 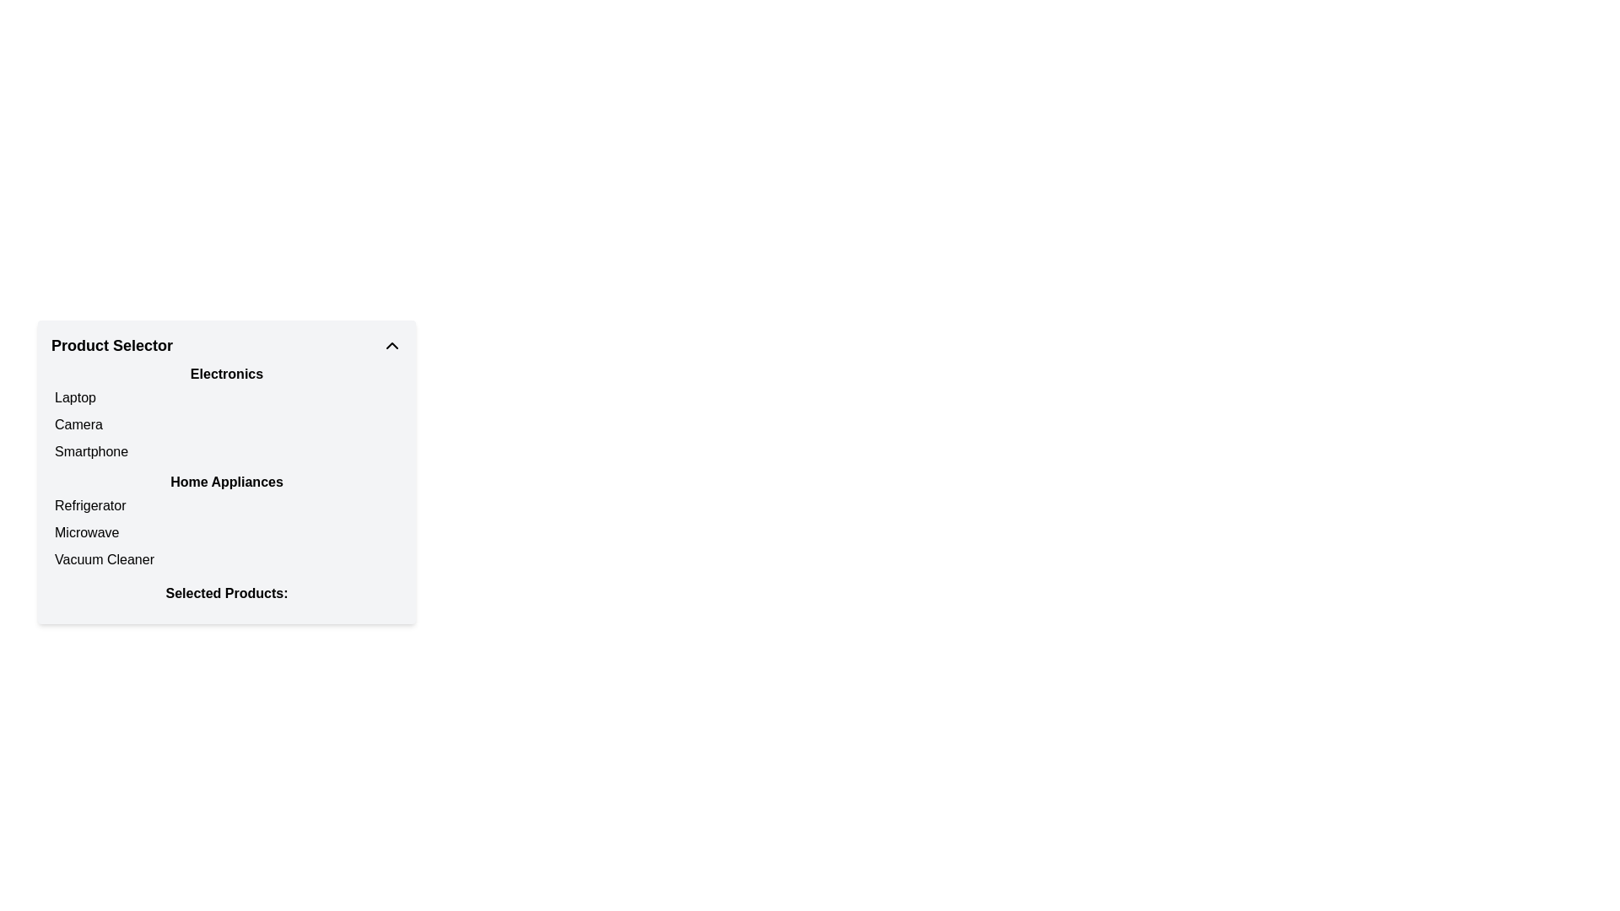 What do you see at coordinates (225, 482) in the screenshot?
I see `the static text label reading 'Home Appliances' which is styled in bold and has a gray background, located at the top of the dropdown menu interface` at bounding box center [225, 482].